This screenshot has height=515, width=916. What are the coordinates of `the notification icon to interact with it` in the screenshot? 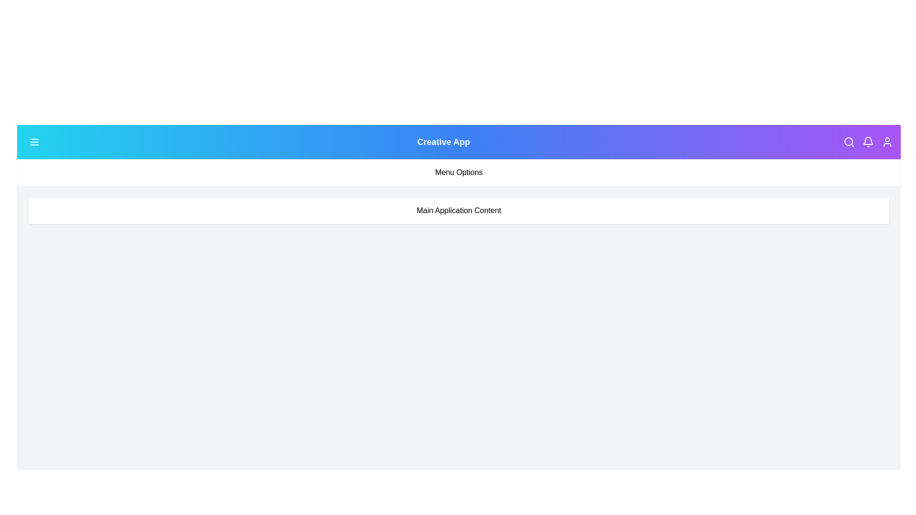 It's located at (868, 142).